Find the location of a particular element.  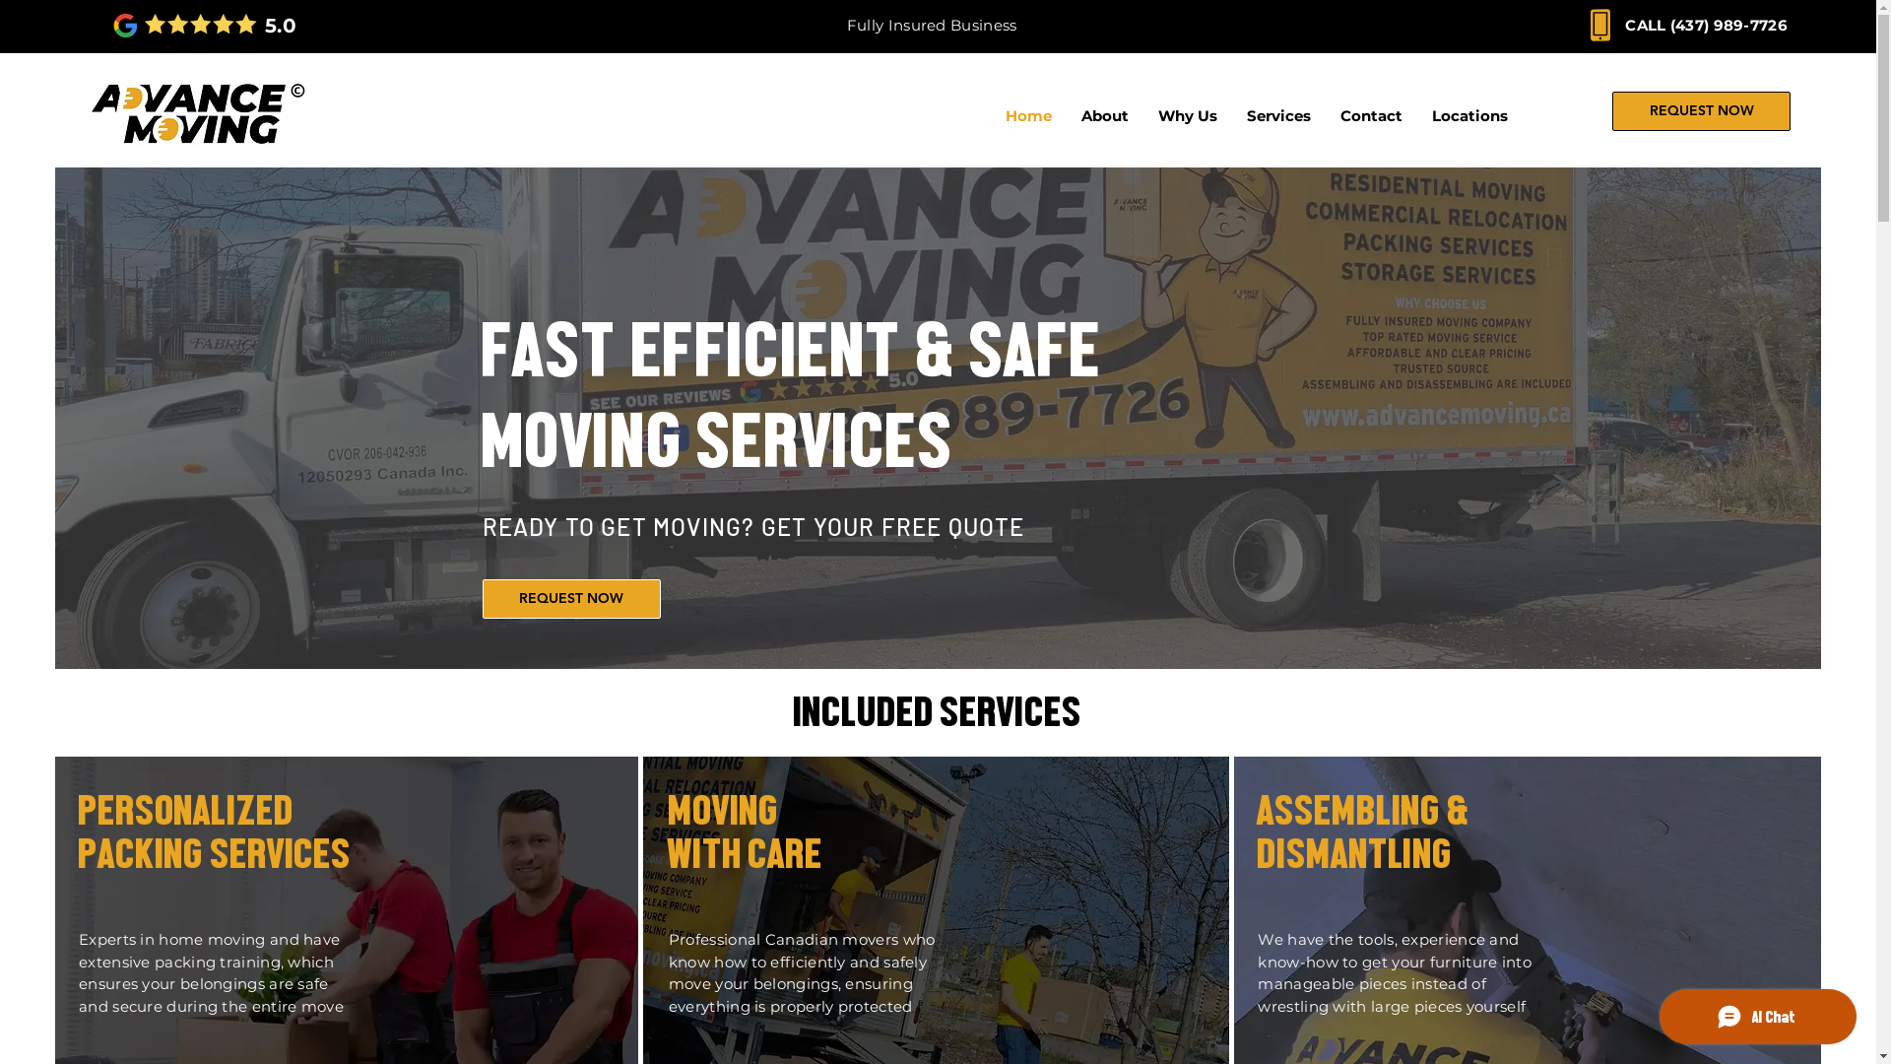

'CALL (437) 989-7726' is located at coordinates (1625, 25).